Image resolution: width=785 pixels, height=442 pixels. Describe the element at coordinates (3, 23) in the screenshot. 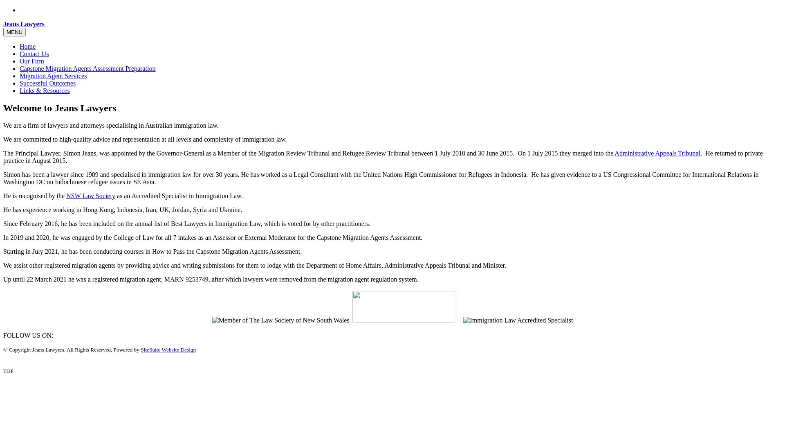

I see `'Jeans Lawyers'` at that location.